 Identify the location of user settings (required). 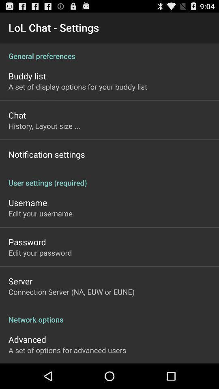
(109, 178).